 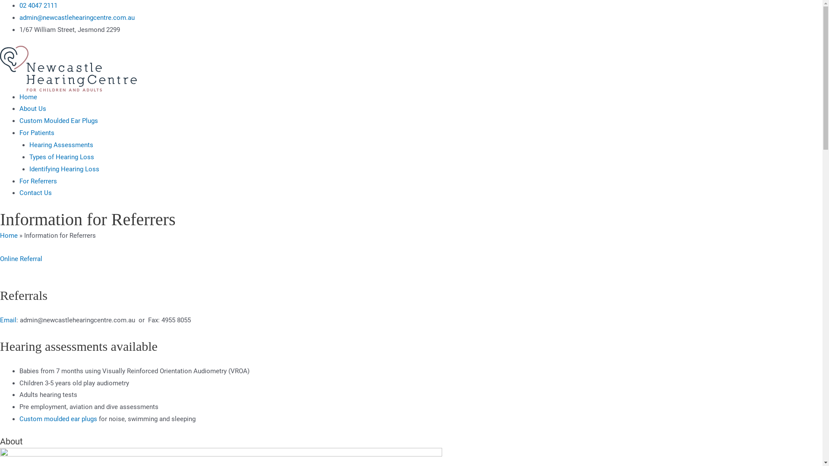 I want to click on 'Email', so click(x=0, y=320).